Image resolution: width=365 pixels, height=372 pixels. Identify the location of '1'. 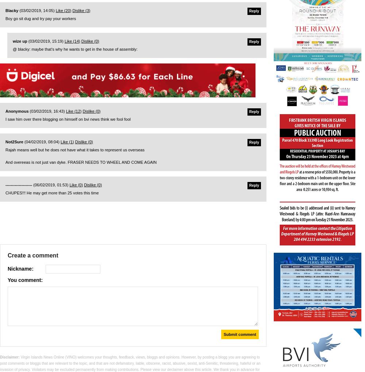
(71, 142).